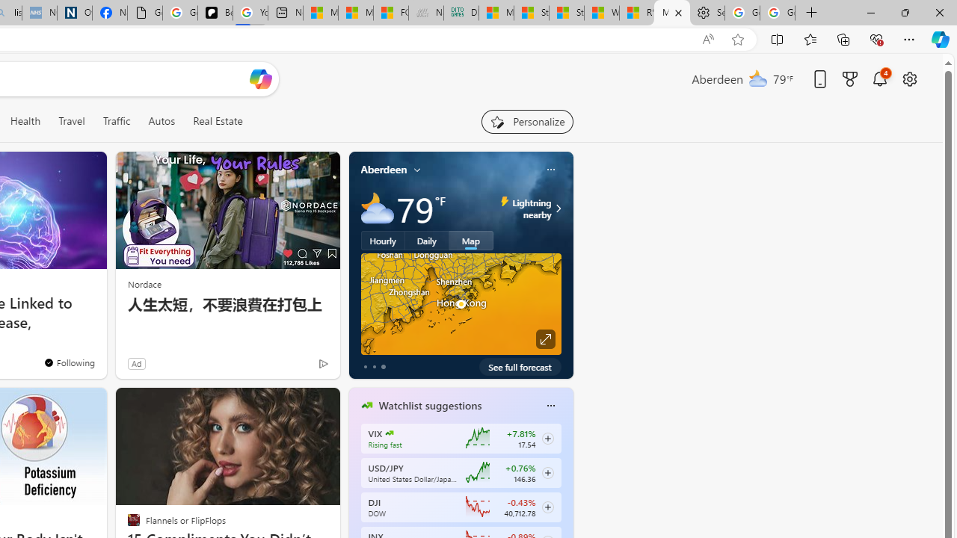  What do you see at coordinates (374, 367) in the screenshot?
I see `'tab-1'` at bounding box center [374, 367].